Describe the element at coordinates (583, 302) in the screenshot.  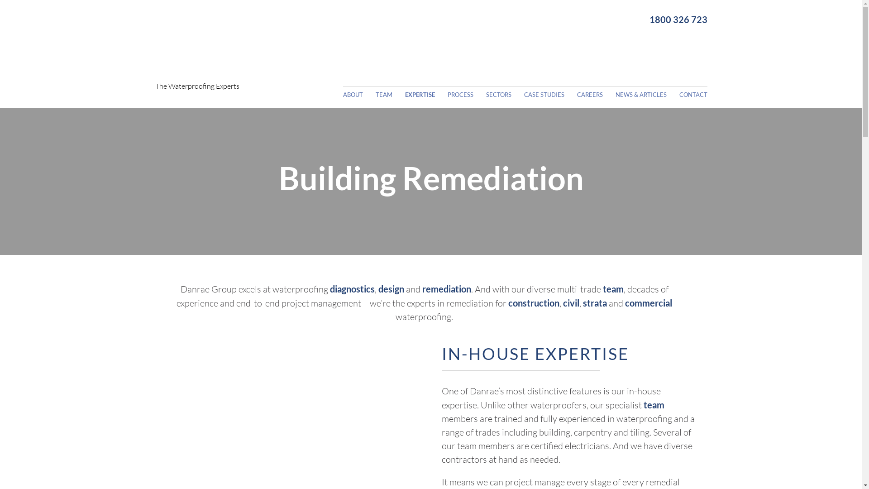
I see `'strata'` at that location.